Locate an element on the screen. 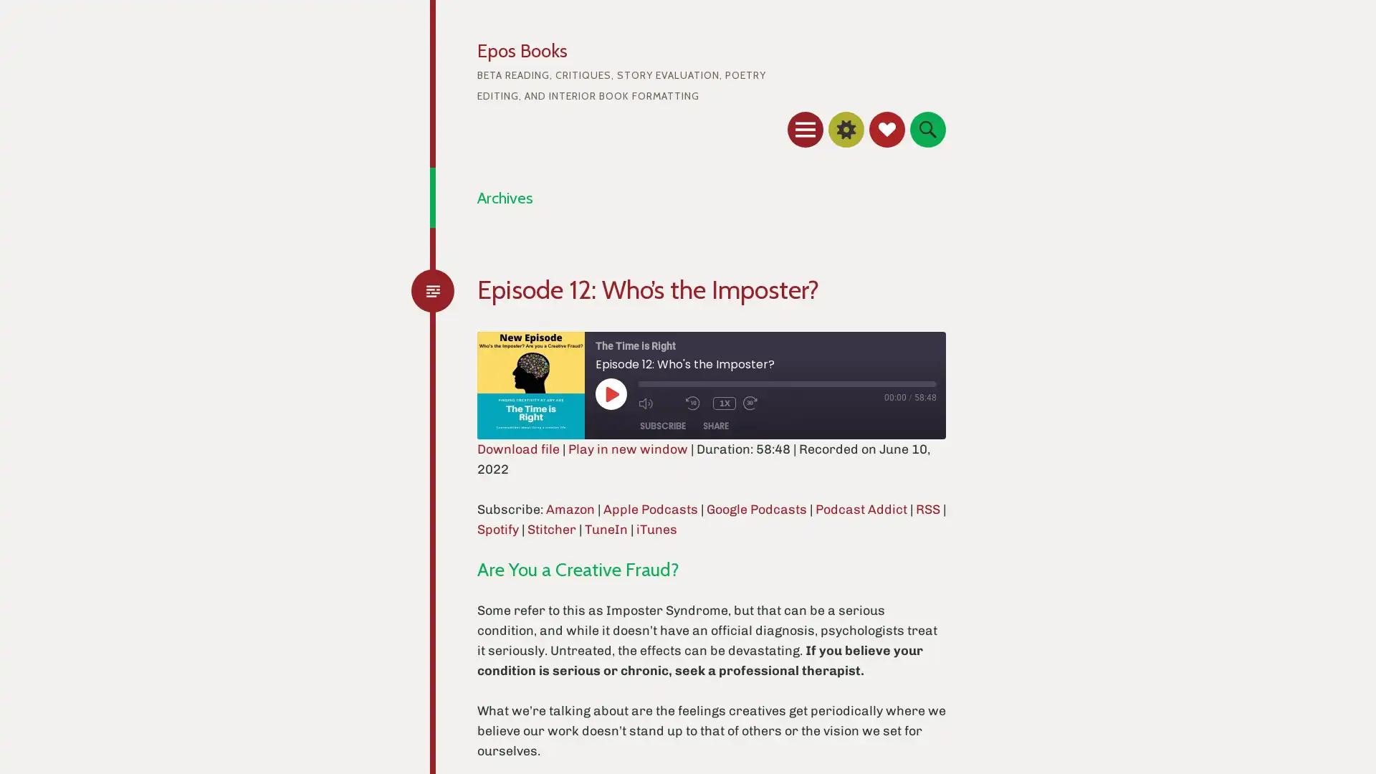 Image resolution: width=1376 pixels, height=774 pixels. FAST FORWARD 30 SECONDS is located at coordinates (763, 403).